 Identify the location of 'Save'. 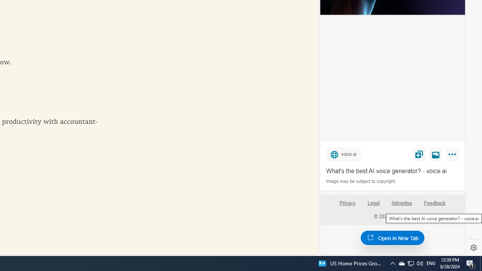
(418, 154).